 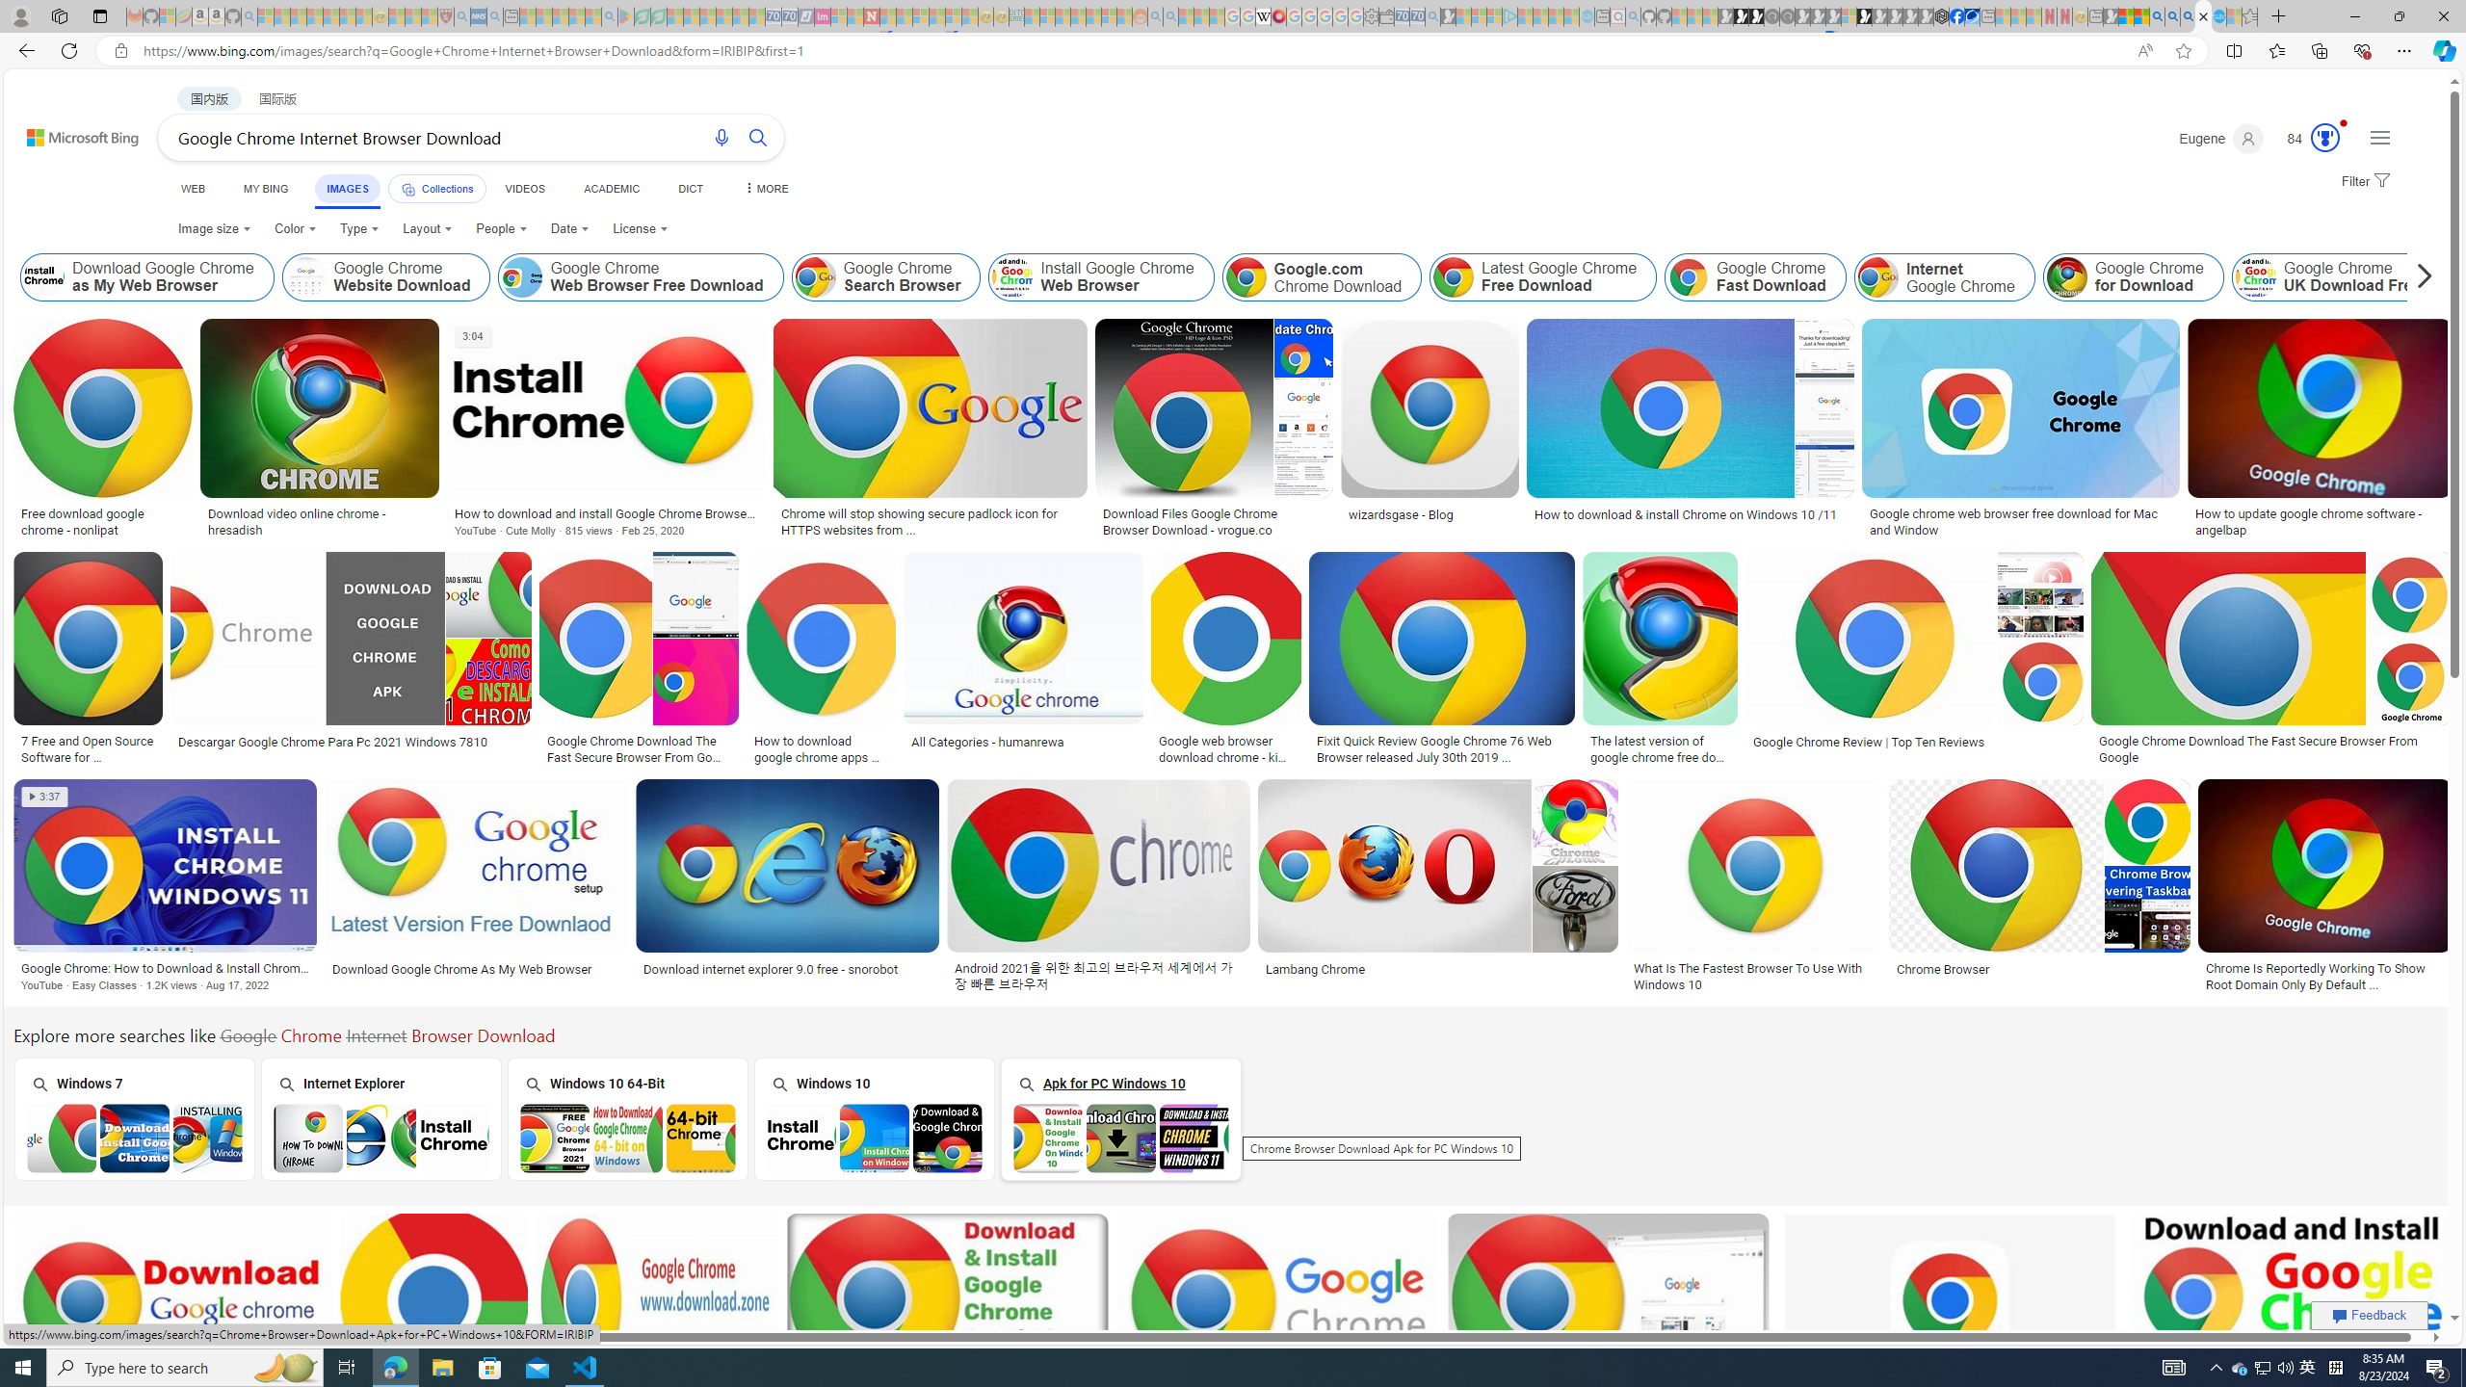 I want to click on 'Download Google Chrome as My Web Browser', so click(x=43, y=276).